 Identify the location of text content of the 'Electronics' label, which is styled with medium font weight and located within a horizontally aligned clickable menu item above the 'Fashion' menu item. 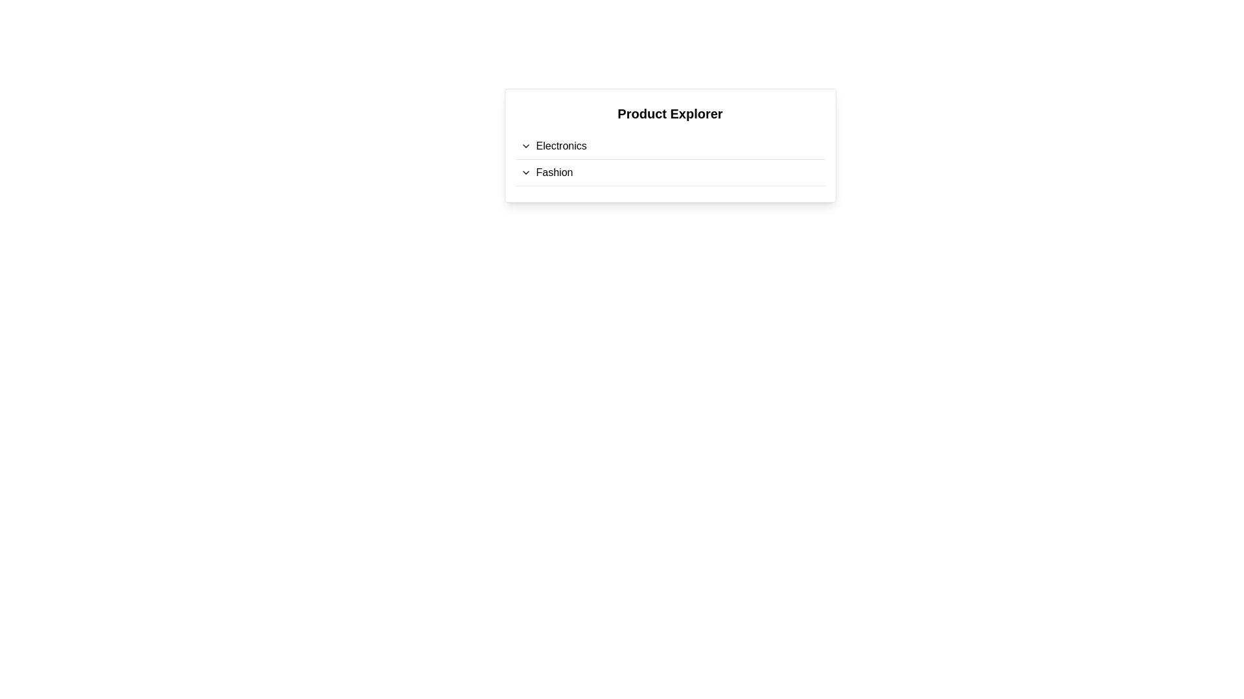
(561, 146).